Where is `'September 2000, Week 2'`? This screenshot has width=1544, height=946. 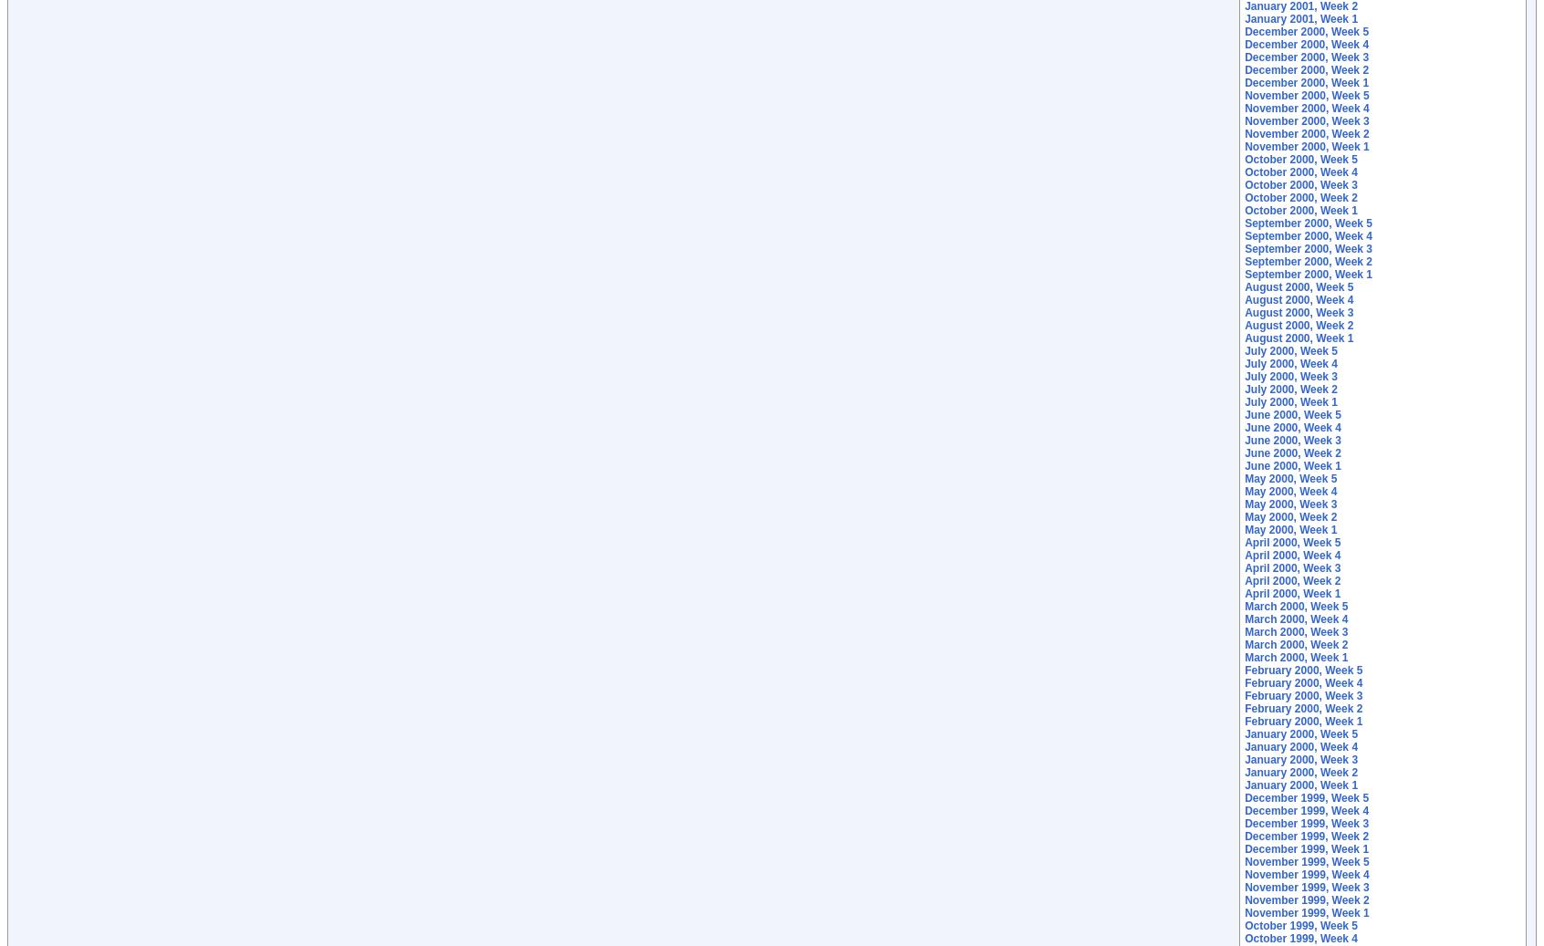
'September 2000, Week 2' is located at coordinates (1307, 261).